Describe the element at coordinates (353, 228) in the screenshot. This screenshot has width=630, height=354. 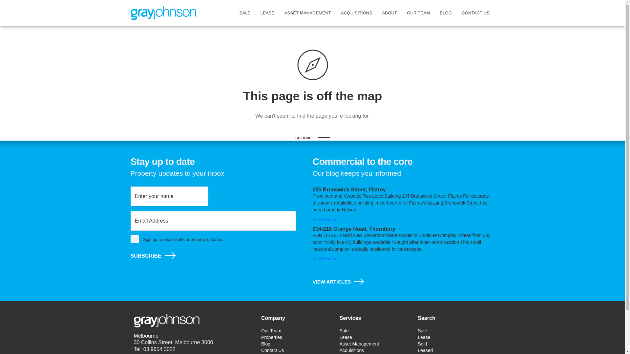
I see `'214-218 Grange Road, Thornbury'` at that location.